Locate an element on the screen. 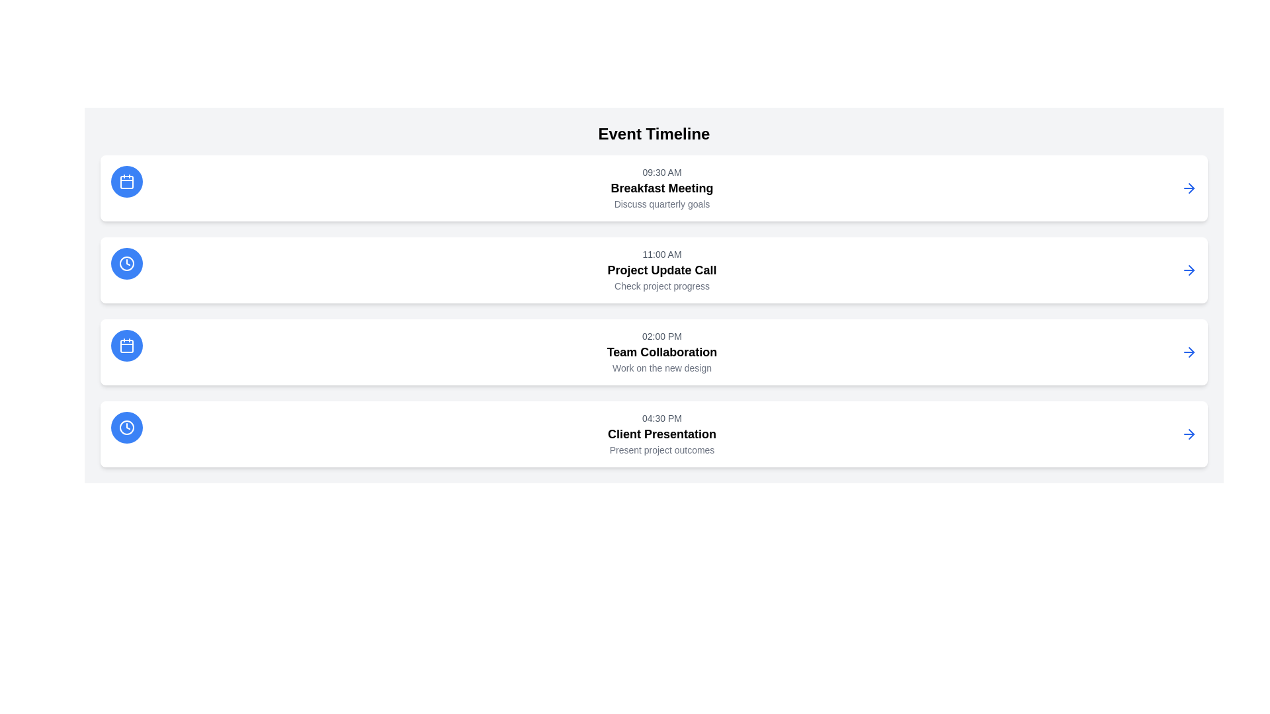 Image resolution: width=1270 pixels, height=714 pixels. the text label 'Project Update Call' which is displayed in bold and larger font size, located in the second item of the timeline list is located at coordinates (662, 269).